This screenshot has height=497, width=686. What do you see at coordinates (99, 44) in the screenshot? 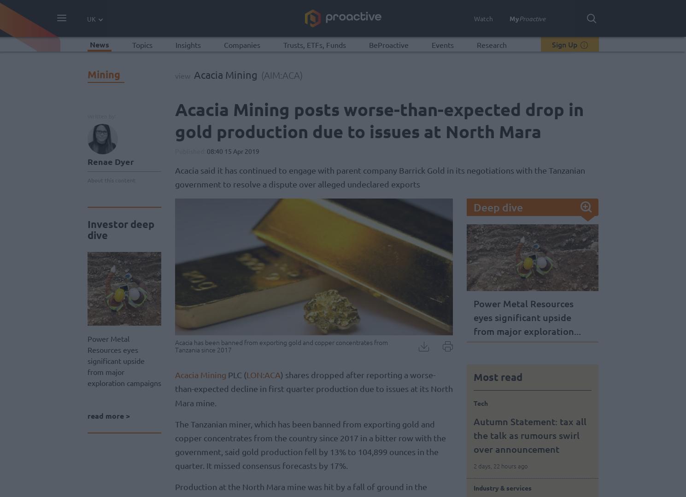
I see `'News'` at bounding box center [99, 44].